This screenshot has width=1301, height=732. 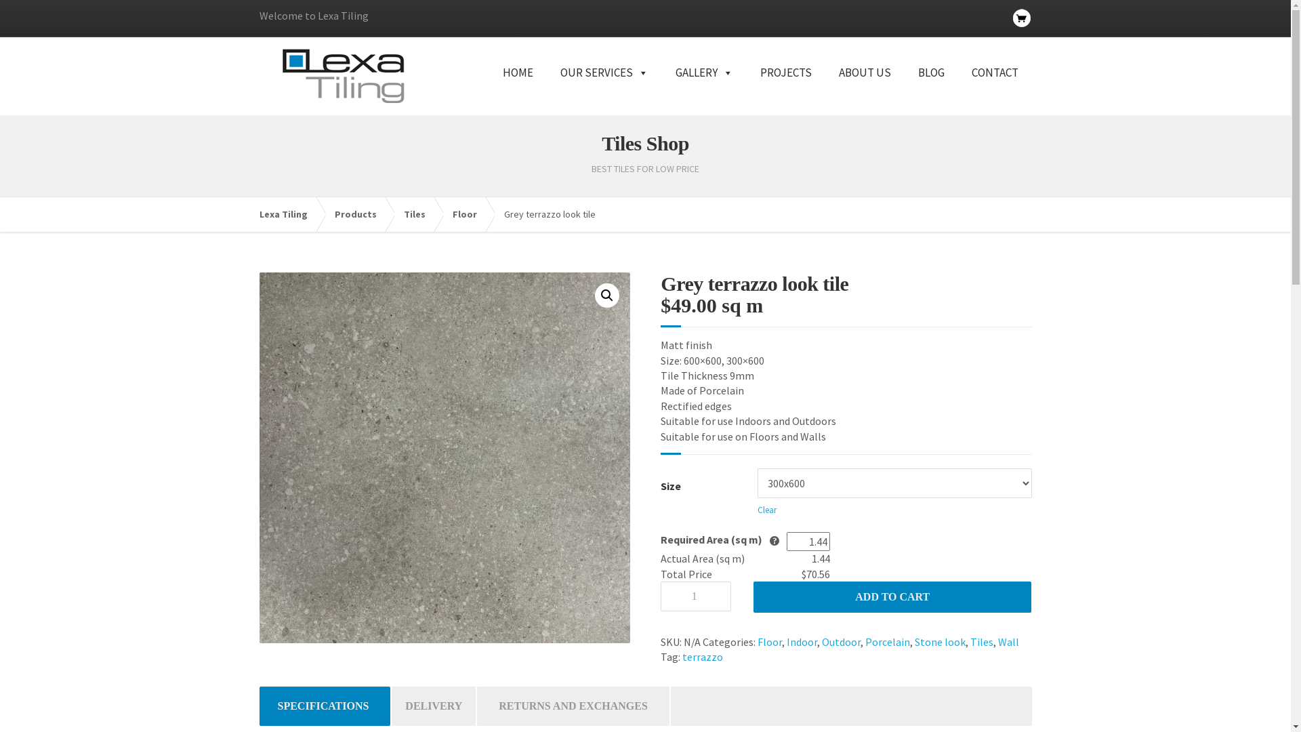 I want to click on 'ADD TO CART', so click(x=892, y=596).